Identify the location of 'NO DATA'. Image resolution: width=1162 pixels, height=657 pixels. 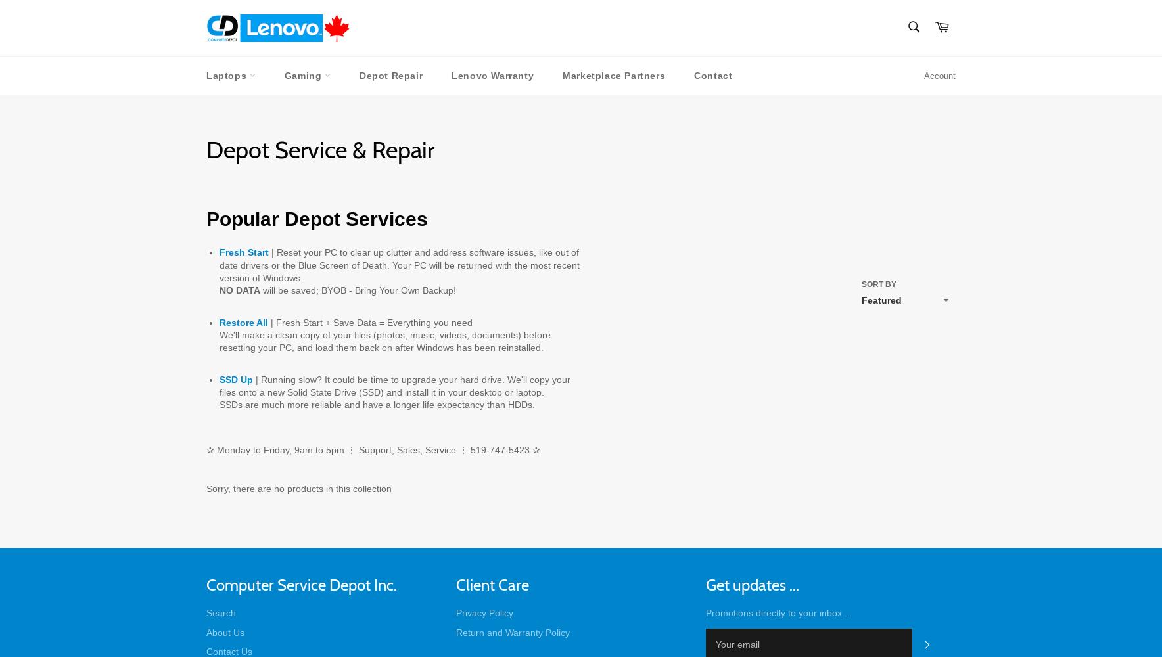
(219, 290).